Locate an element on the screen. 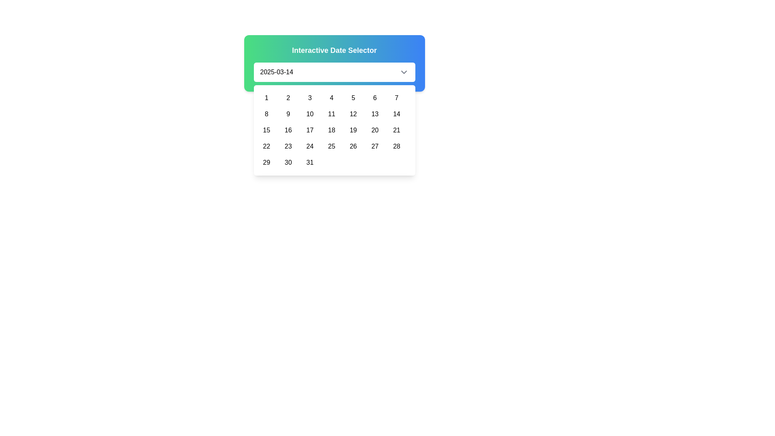 The image size is (775, 436). the Interactive calendar day button displaying the number '19' is located at coordinates (353, 130).